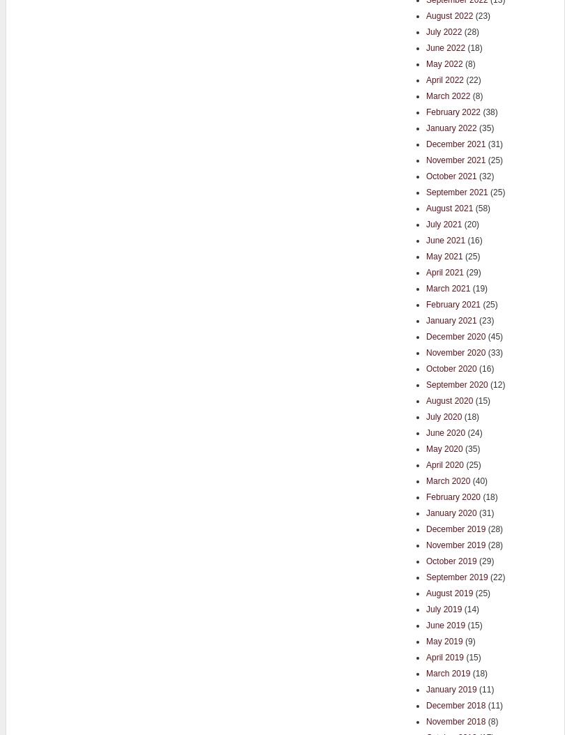  I want to click on 'February 2022', so click(453, 110).